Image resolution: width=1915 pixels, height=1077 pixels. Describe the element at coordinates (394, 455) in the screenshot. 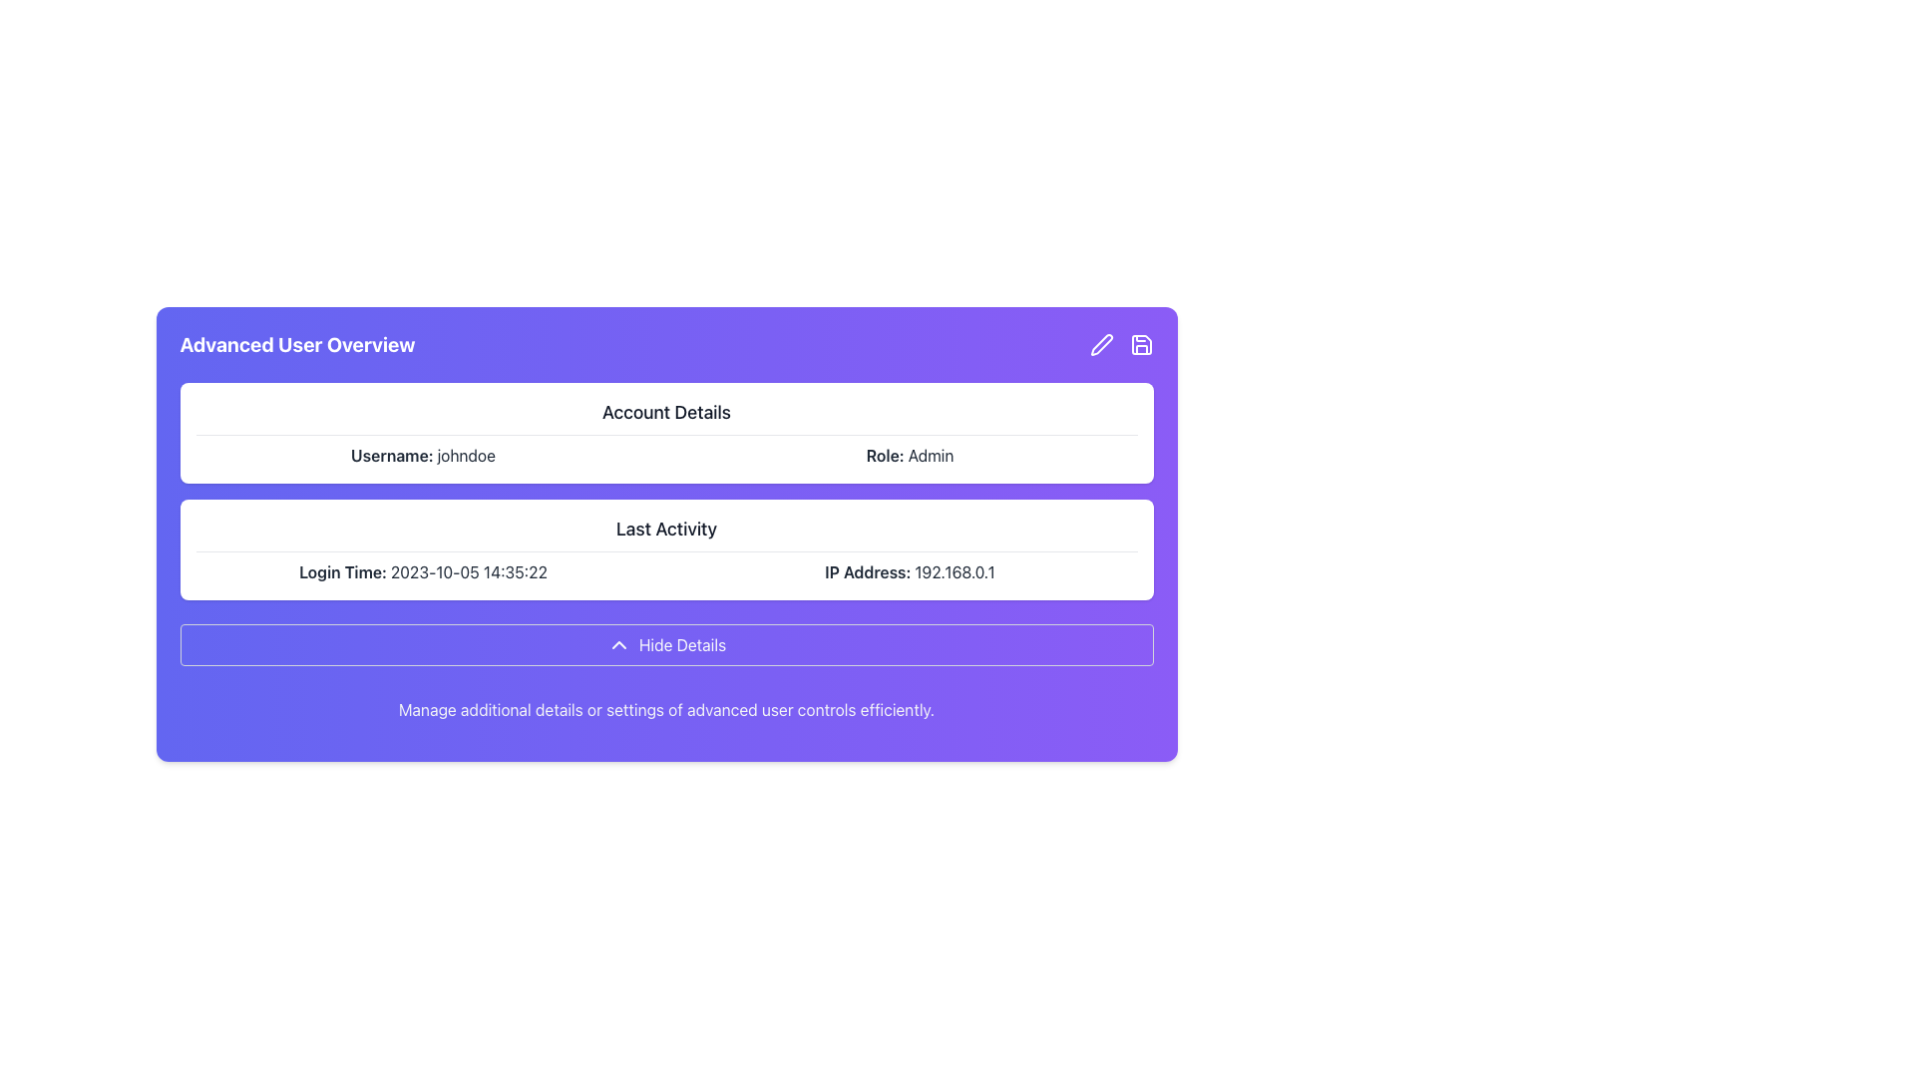

I see `text label that displays 'Username:' in bold font, positioned to the left of the text 'johndoe'` at that location.